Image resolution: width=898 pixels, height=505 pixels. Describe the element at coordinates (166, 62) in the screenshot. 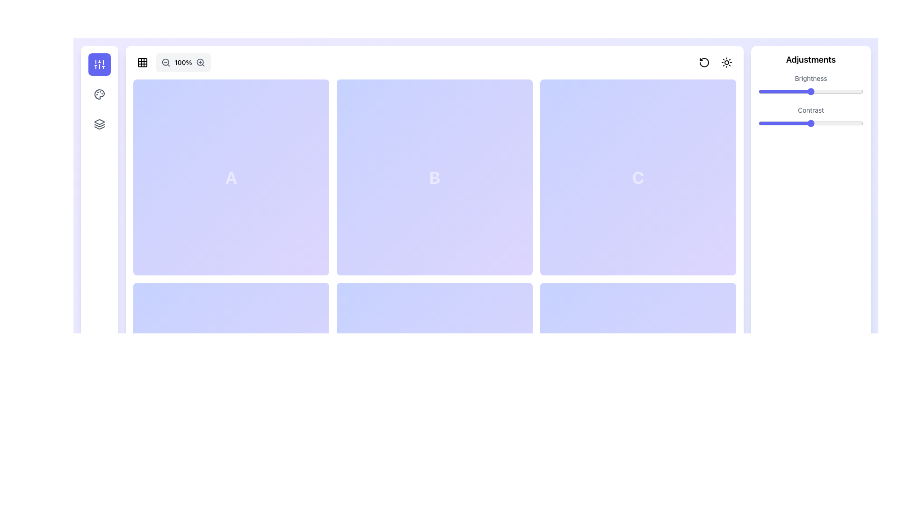

I see `the SVG Circle element that forms the circular portion of the zoom-out icon, located at the top-center of the view` at that location.